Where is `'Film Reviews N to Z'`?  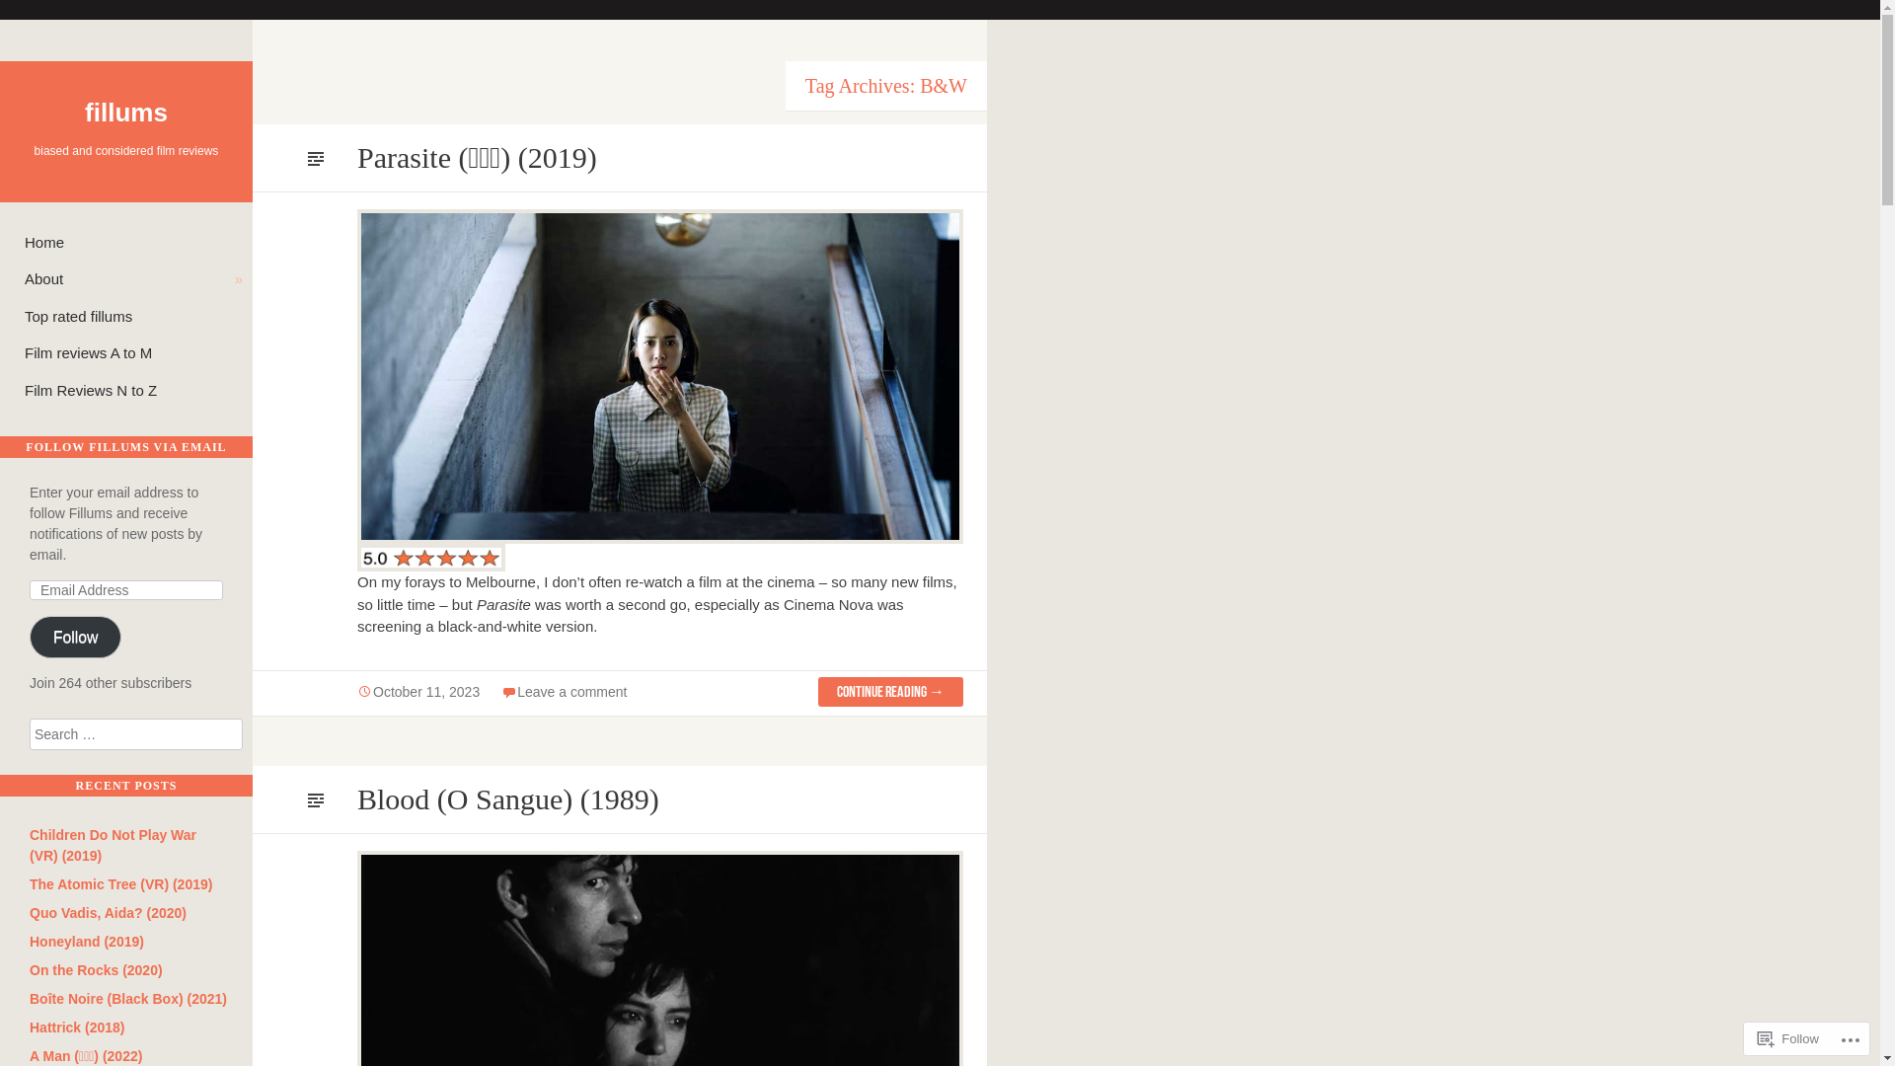 'Film Reviews N to Z' is located at coordinates (132, 391).